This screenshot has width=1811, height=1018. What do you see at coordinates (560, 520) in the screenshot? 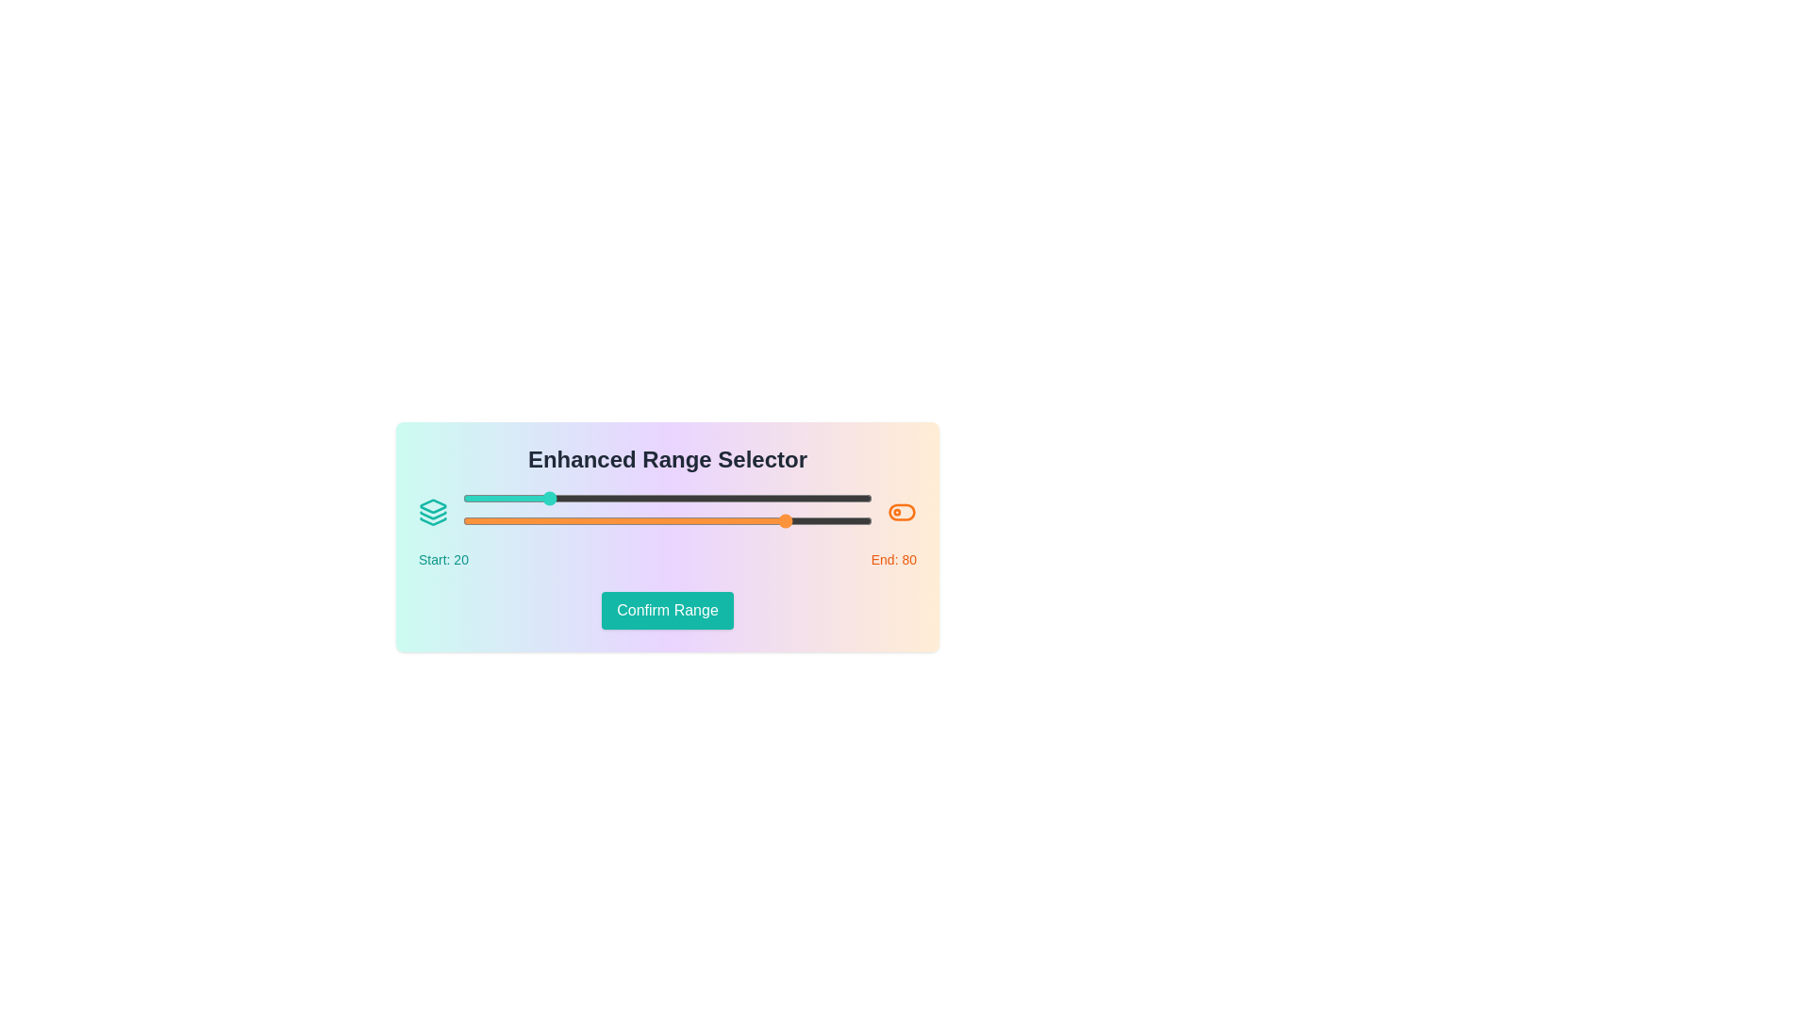
I see `the slider value` at bounding box center [560, 520].